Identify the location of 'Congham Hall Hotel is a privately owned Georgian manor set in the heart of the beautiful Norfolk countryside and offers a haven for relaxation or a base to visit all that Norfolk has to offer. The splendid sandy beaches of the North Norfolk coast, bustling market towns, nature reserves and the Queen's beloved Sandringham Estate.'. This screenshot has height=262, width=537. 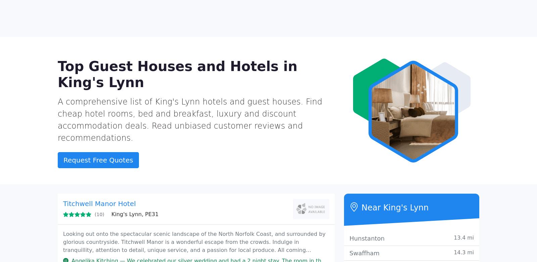
(193, 44).